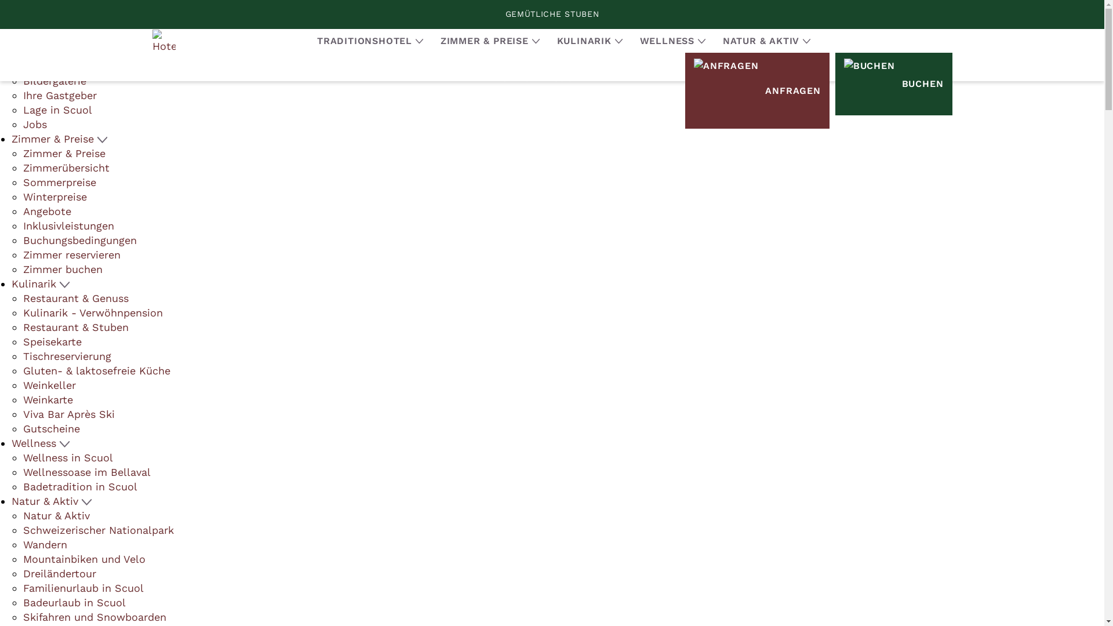 Image resolution: width=1113 pixels, height=626 pixels. What do you see at coordinates (98, 530) in the screenshot?
I see `'Schweizerischer Nationalpark'` at bounding box center [98, 530].